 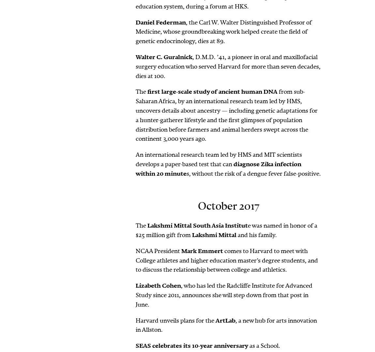 What do you see at coordinates (212, 92) in the screenshot?
I see `'first large-scale study of ancient human DNA'` at bounding box center [212, 92].